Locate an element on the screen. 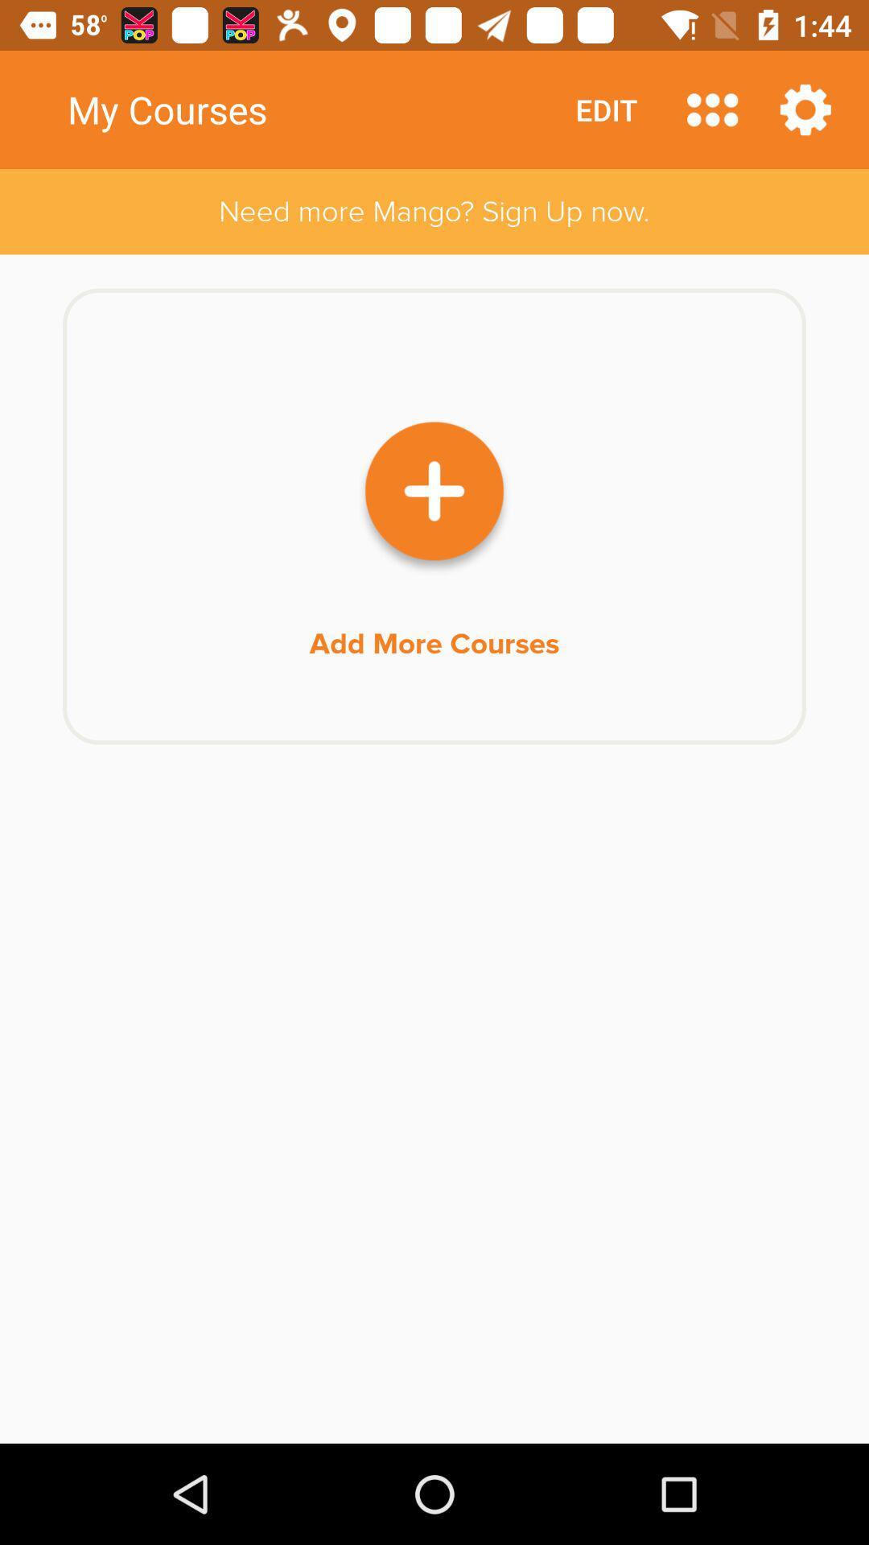  the item to the right of the my courses icon is located at coordinates (606, 109).